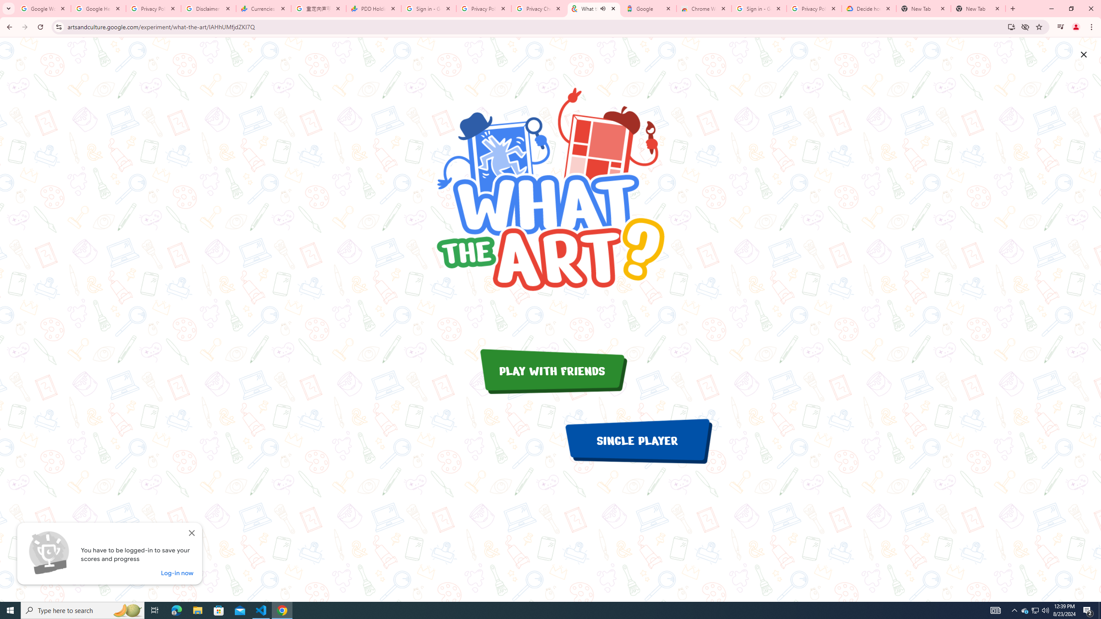 Image resolution: width=1101 pixels, height=619 pixels. I want to click on 'Currencies - Google Finance', so click(263, 8).